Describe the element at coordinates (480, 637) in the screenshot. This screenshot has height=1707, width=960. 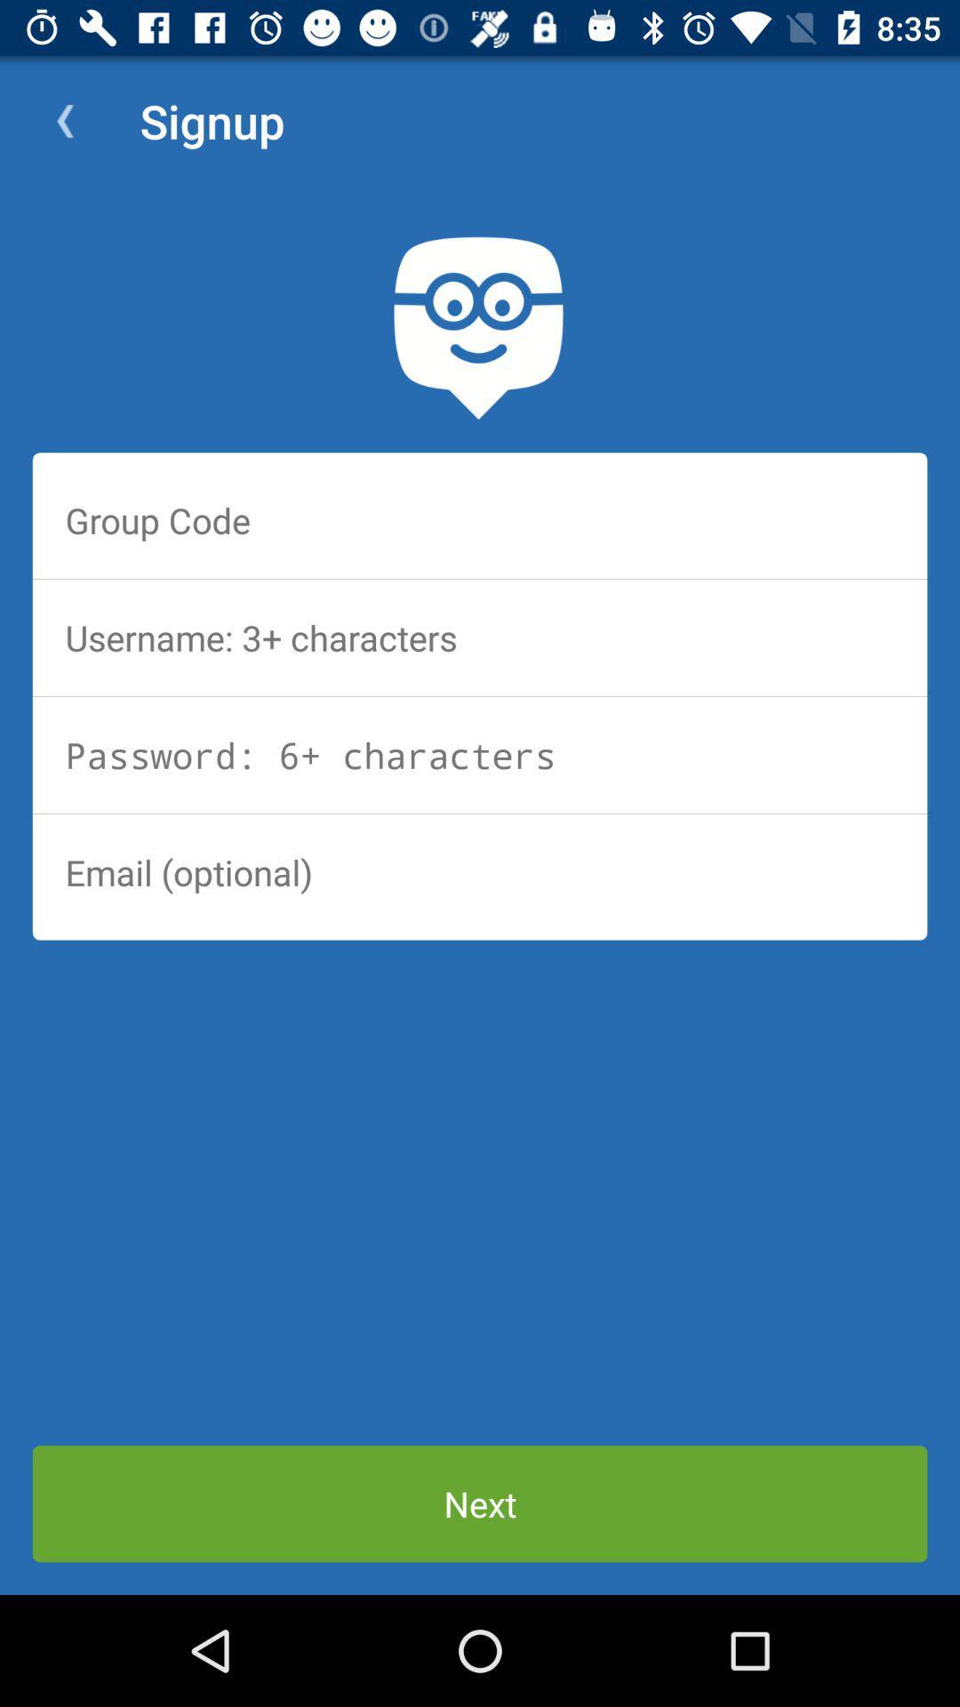
I see `unsername` at that location.